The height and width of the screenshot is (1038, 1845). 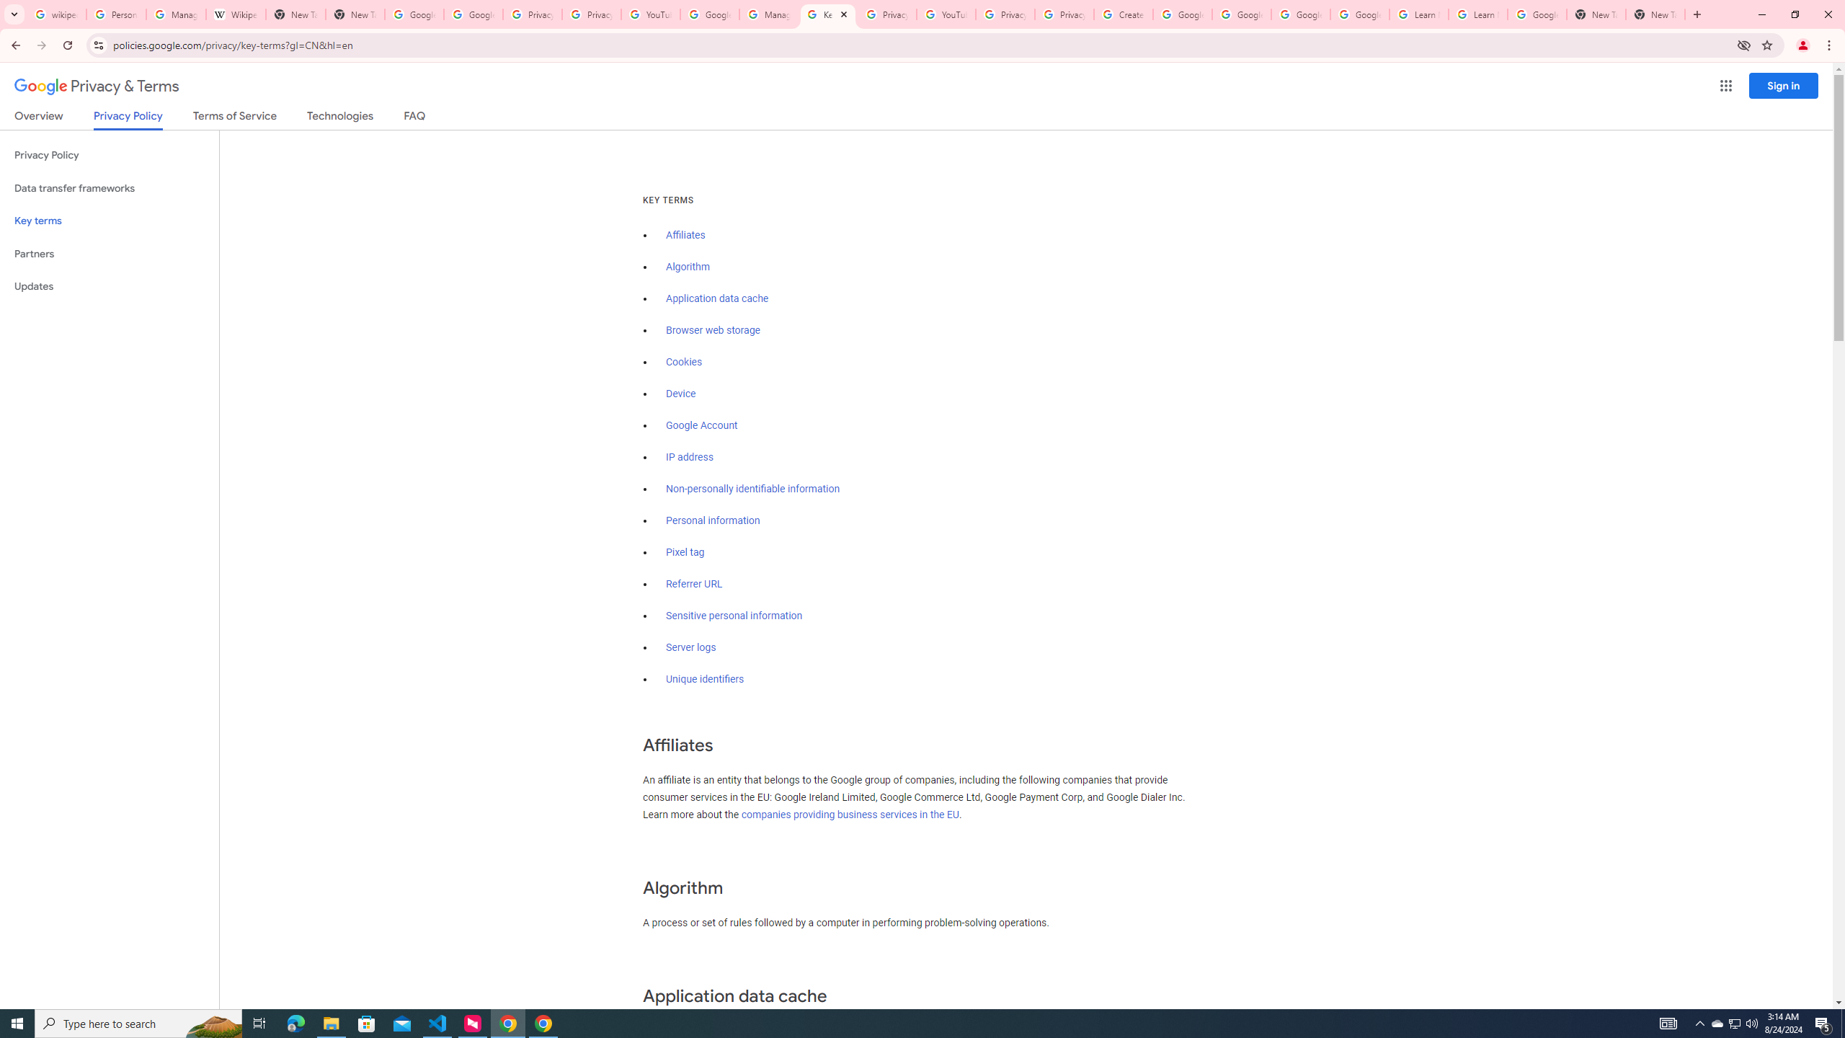 I want to click on 'Privacy Policy', so click(x=109, y=155).